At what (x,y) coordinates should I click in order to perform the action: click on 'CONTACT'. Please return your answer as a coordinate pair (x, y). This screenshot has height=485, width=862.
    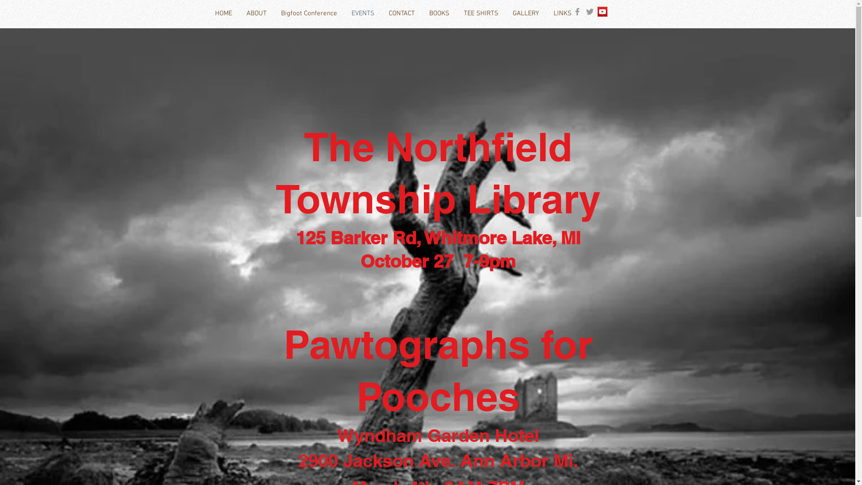
    Looking at the image, I should click on (401, 13).